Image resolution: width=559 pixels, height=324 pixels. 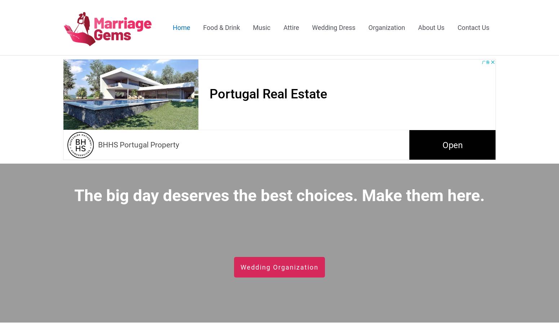 What do you see at coordinates (473, 27) in the screenshot?
I see `'Contact Us'` at bounding box center [473, 27].